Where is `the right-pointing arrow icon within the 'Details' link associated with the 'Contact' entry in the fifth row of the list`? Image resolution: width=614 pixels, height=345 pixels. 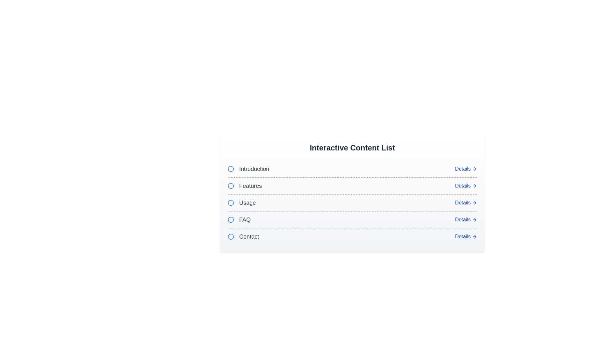
the right-pointing arrow icon within the 'Details' link associated with the 'Contact' entry in the fifth row of the list is located at coordinates (474, 203).